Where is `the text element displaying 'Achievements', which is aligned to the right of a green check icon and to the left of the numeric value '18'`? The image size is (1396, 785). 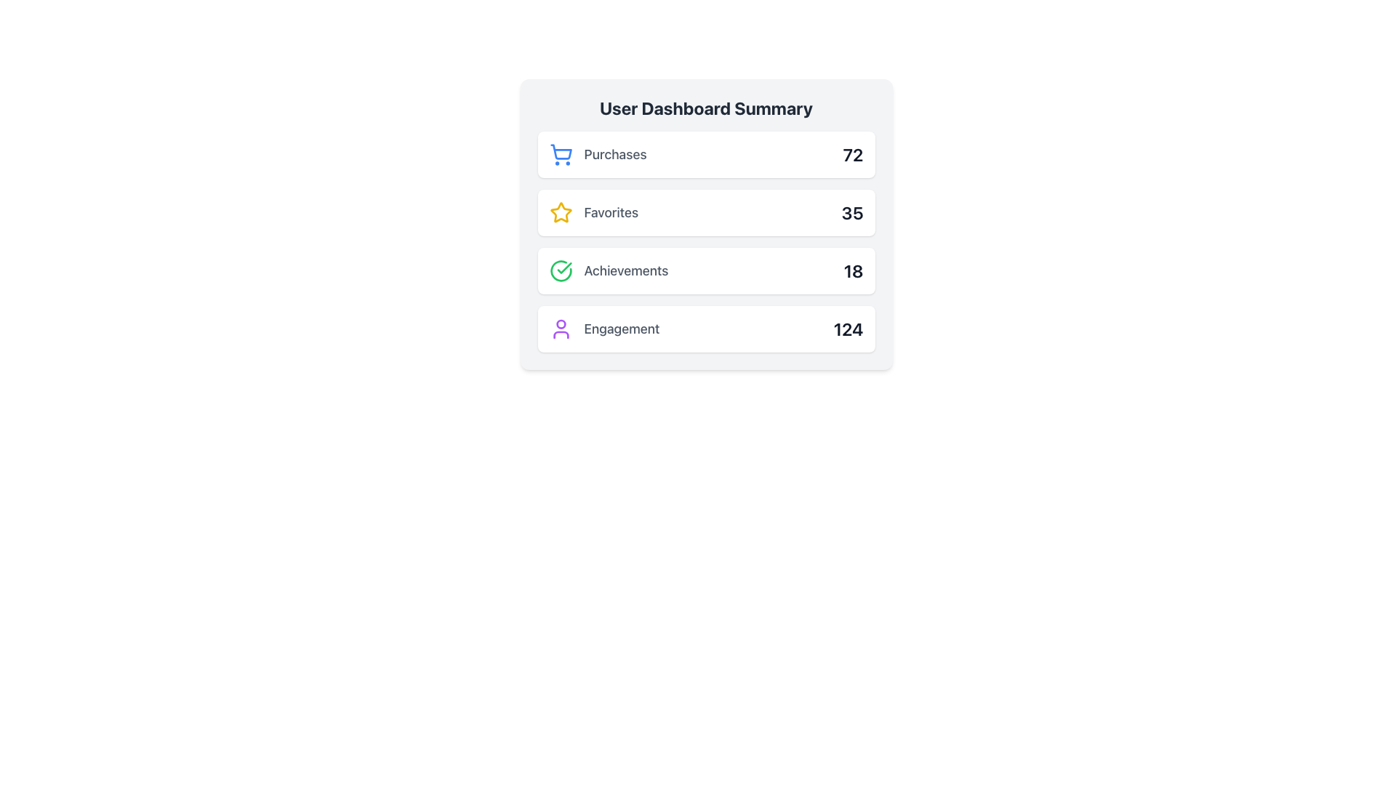
the text element displaying 'Achievements', which is aligned to the right of a green check icon and to the left of the numeric value '18' is located at coordinates (626, 271).